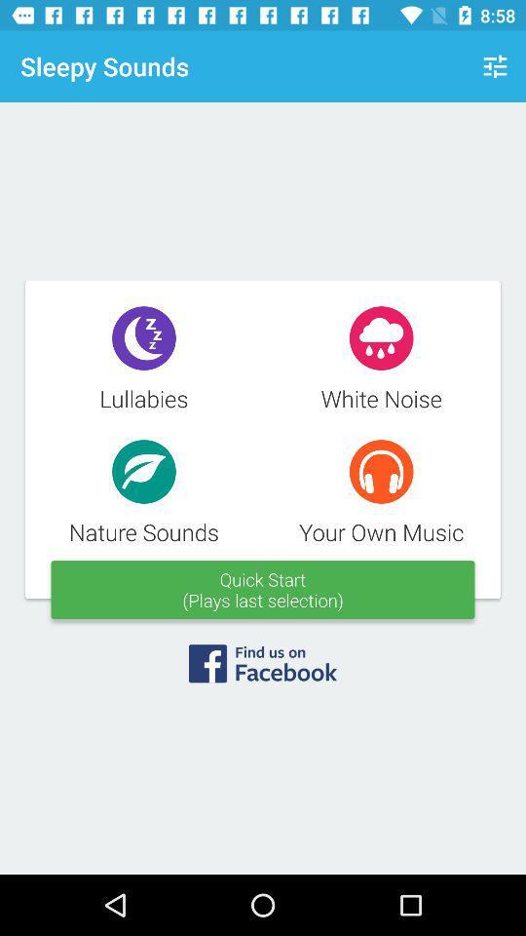 The height and width of the screenshot is (936, 526). What do you see at coordinates (495, 66) in the screenshot?
I see `the item next to the sleepy sounds item` at bounding box center [495, 66].